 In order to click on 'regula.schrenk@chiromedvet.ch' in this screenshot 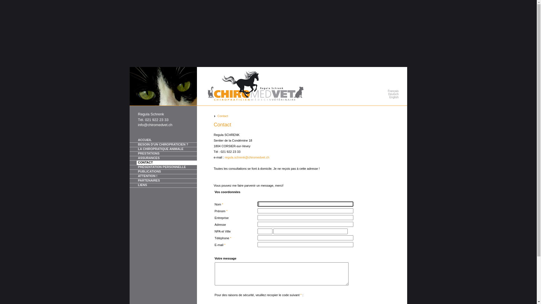, I will do `click(224, 157)`.